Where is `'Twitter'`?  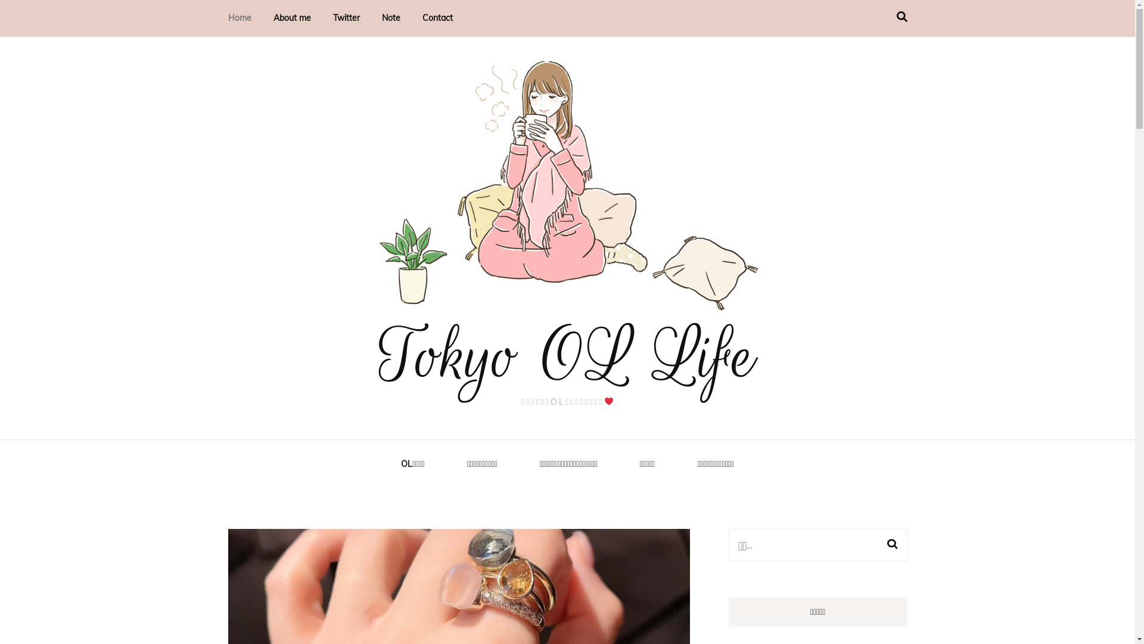
'Twitter' is located at coordinates (345, 18).